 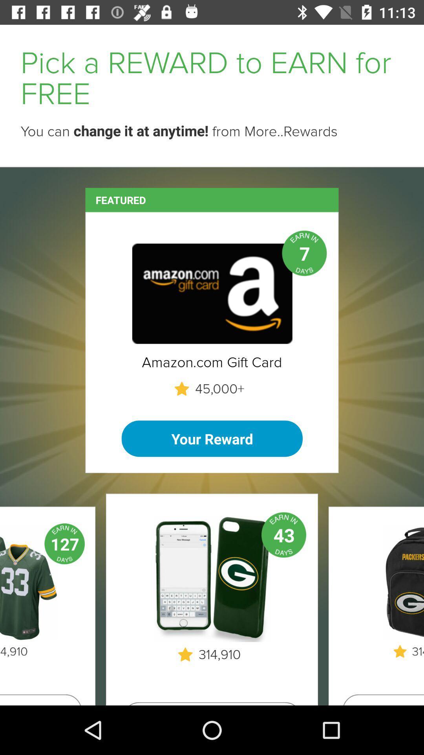 What do you see at coordinates (304, 253) in the screenshot?
I see `the earn in 7 days icon` at bounding box center [304, 253].